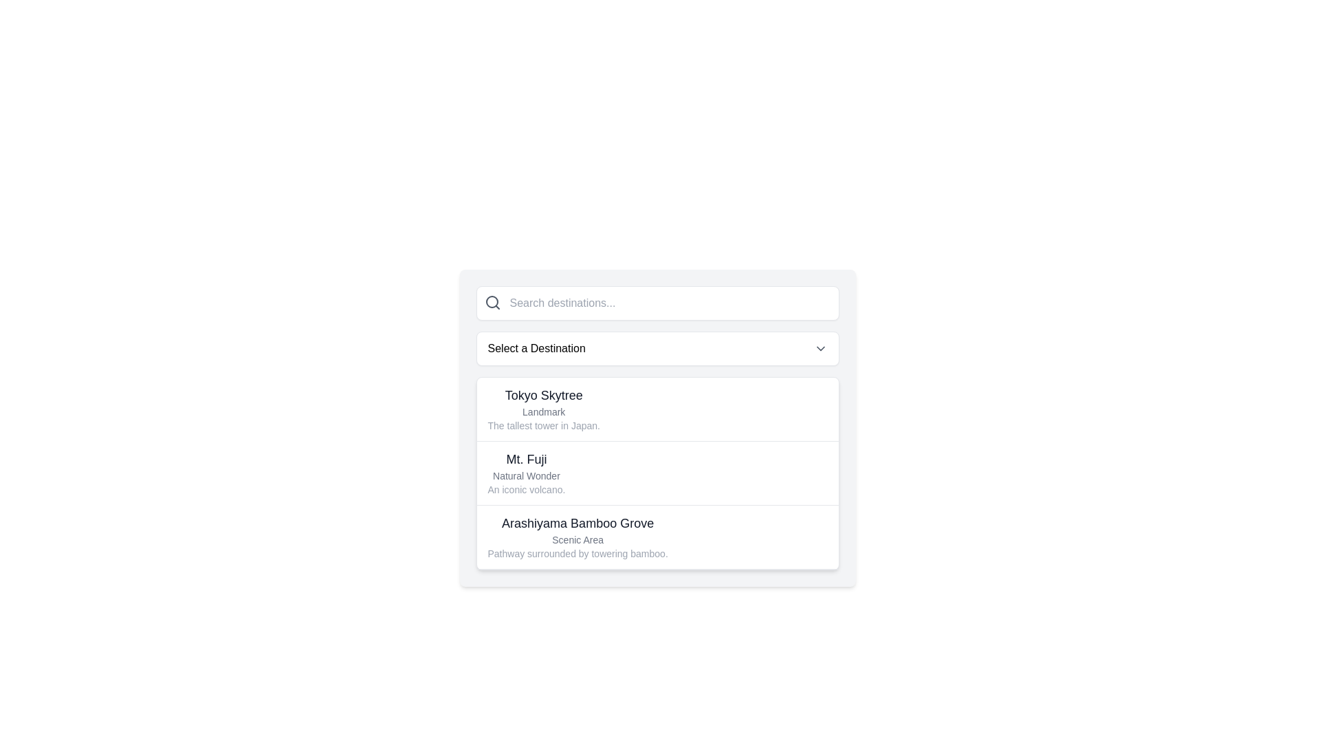 The width and height of the screenshot is (1320, 743). What do you see at coordinates (657, 537) in the screenshot?
I see `the selectable list item titled 'Arashiyama Bamboo Grove', which is the third entry in the list` at bounding box center [657, 537].